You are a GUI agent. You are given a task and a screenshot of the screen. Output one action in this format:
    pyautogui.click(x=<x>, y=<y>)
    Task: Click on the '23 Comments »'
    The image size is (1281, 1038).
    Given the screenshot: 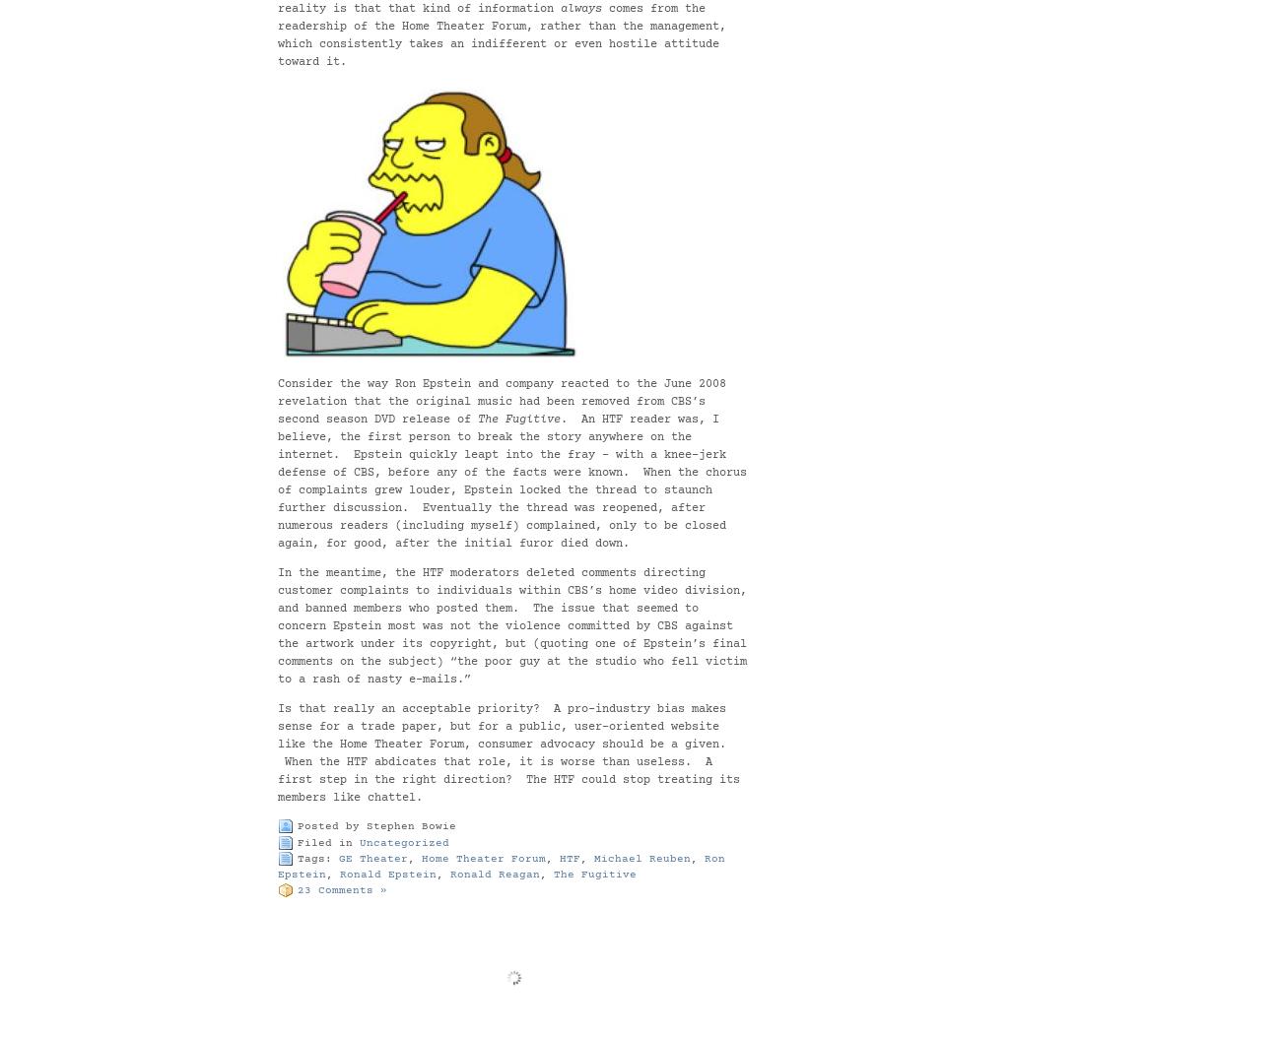 What is the action you would take?
    pyautogui.click(x=341, y=889)
    